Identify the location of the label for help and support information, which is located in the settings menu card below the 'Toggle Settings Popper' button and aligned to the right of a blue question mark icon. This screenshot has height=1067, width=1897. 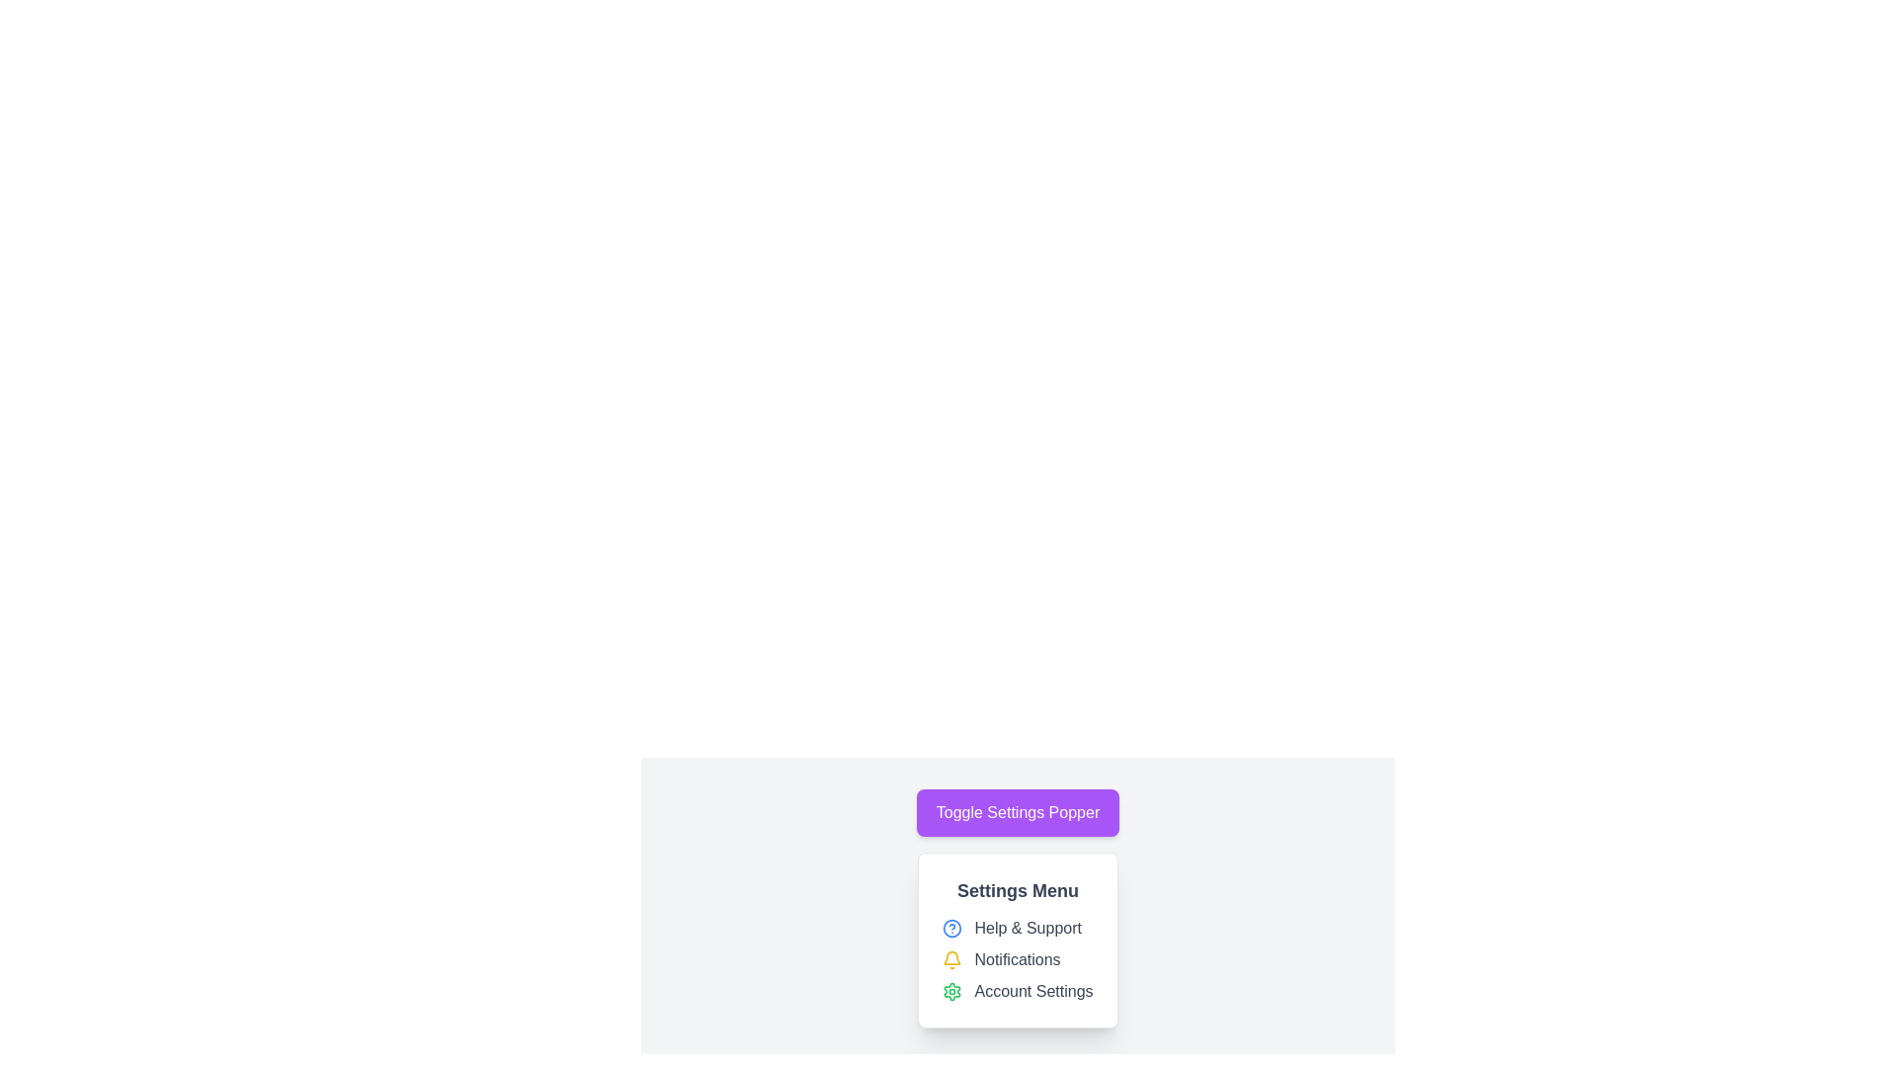
(1028, 929).